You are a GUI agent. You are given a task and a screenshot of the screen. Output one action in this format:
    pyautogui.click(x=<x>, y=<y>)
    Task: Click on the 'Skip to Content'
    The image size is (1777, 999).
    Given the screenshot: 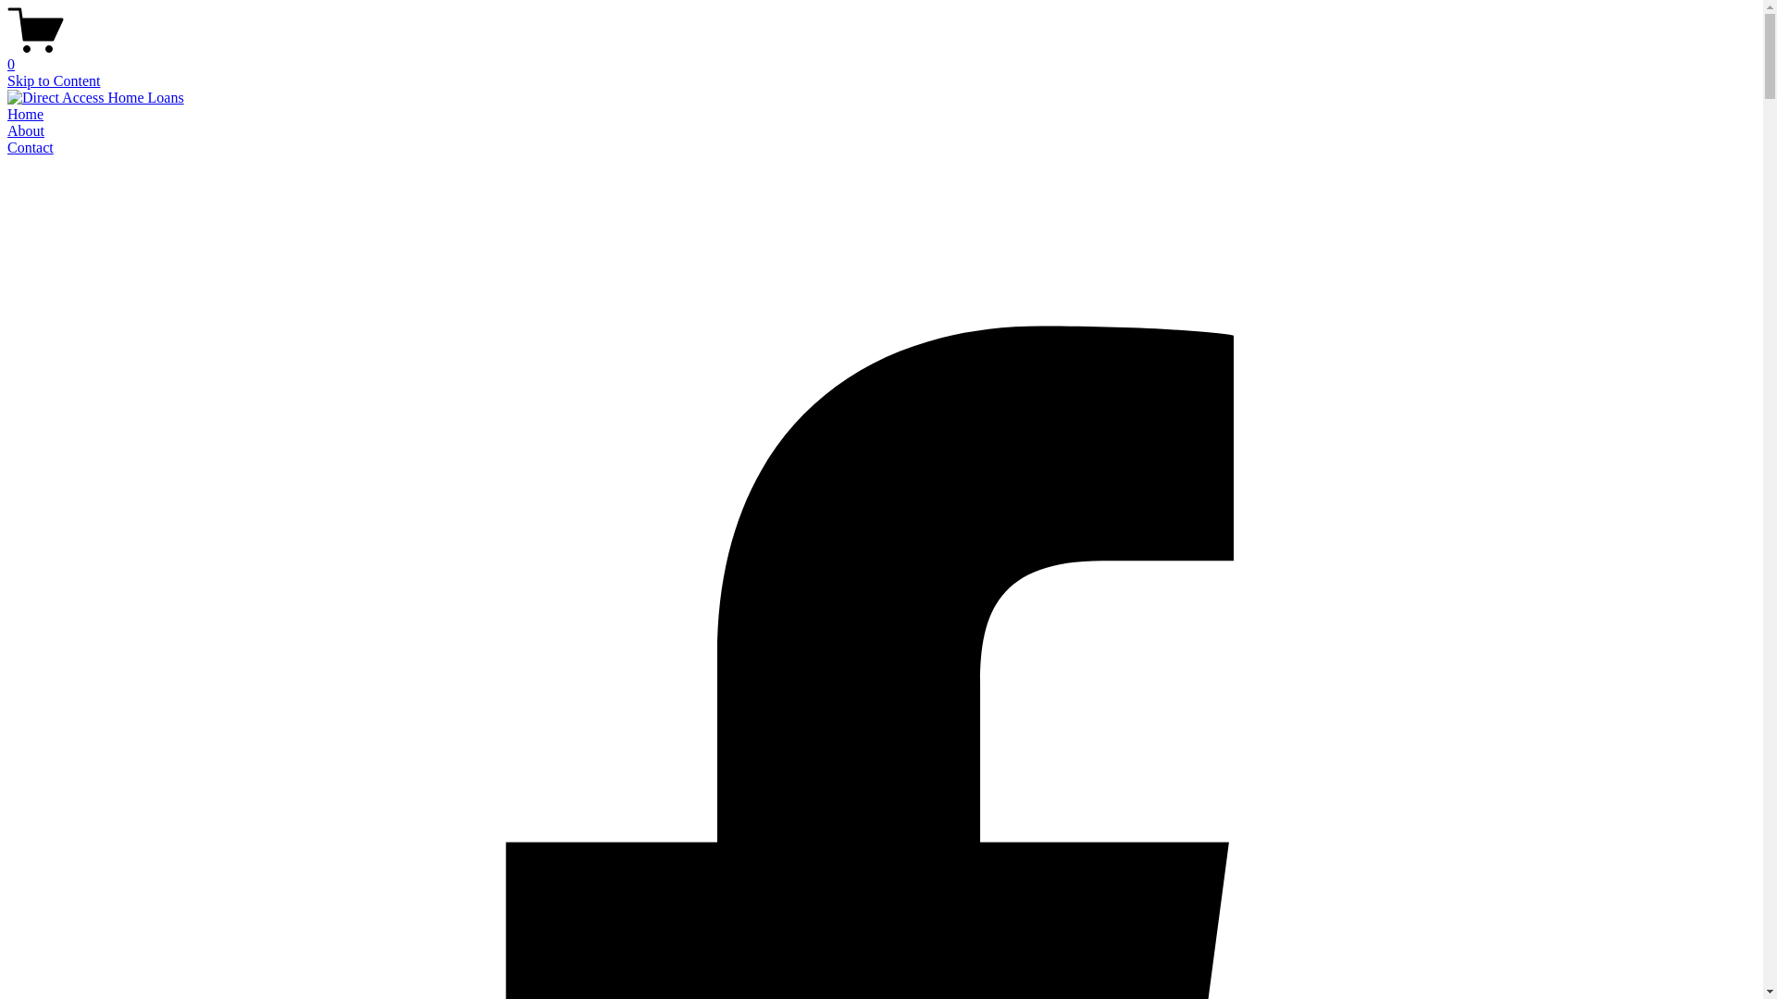 What is the action you would take?
    pyautogui.click(x=53, y=80)
    